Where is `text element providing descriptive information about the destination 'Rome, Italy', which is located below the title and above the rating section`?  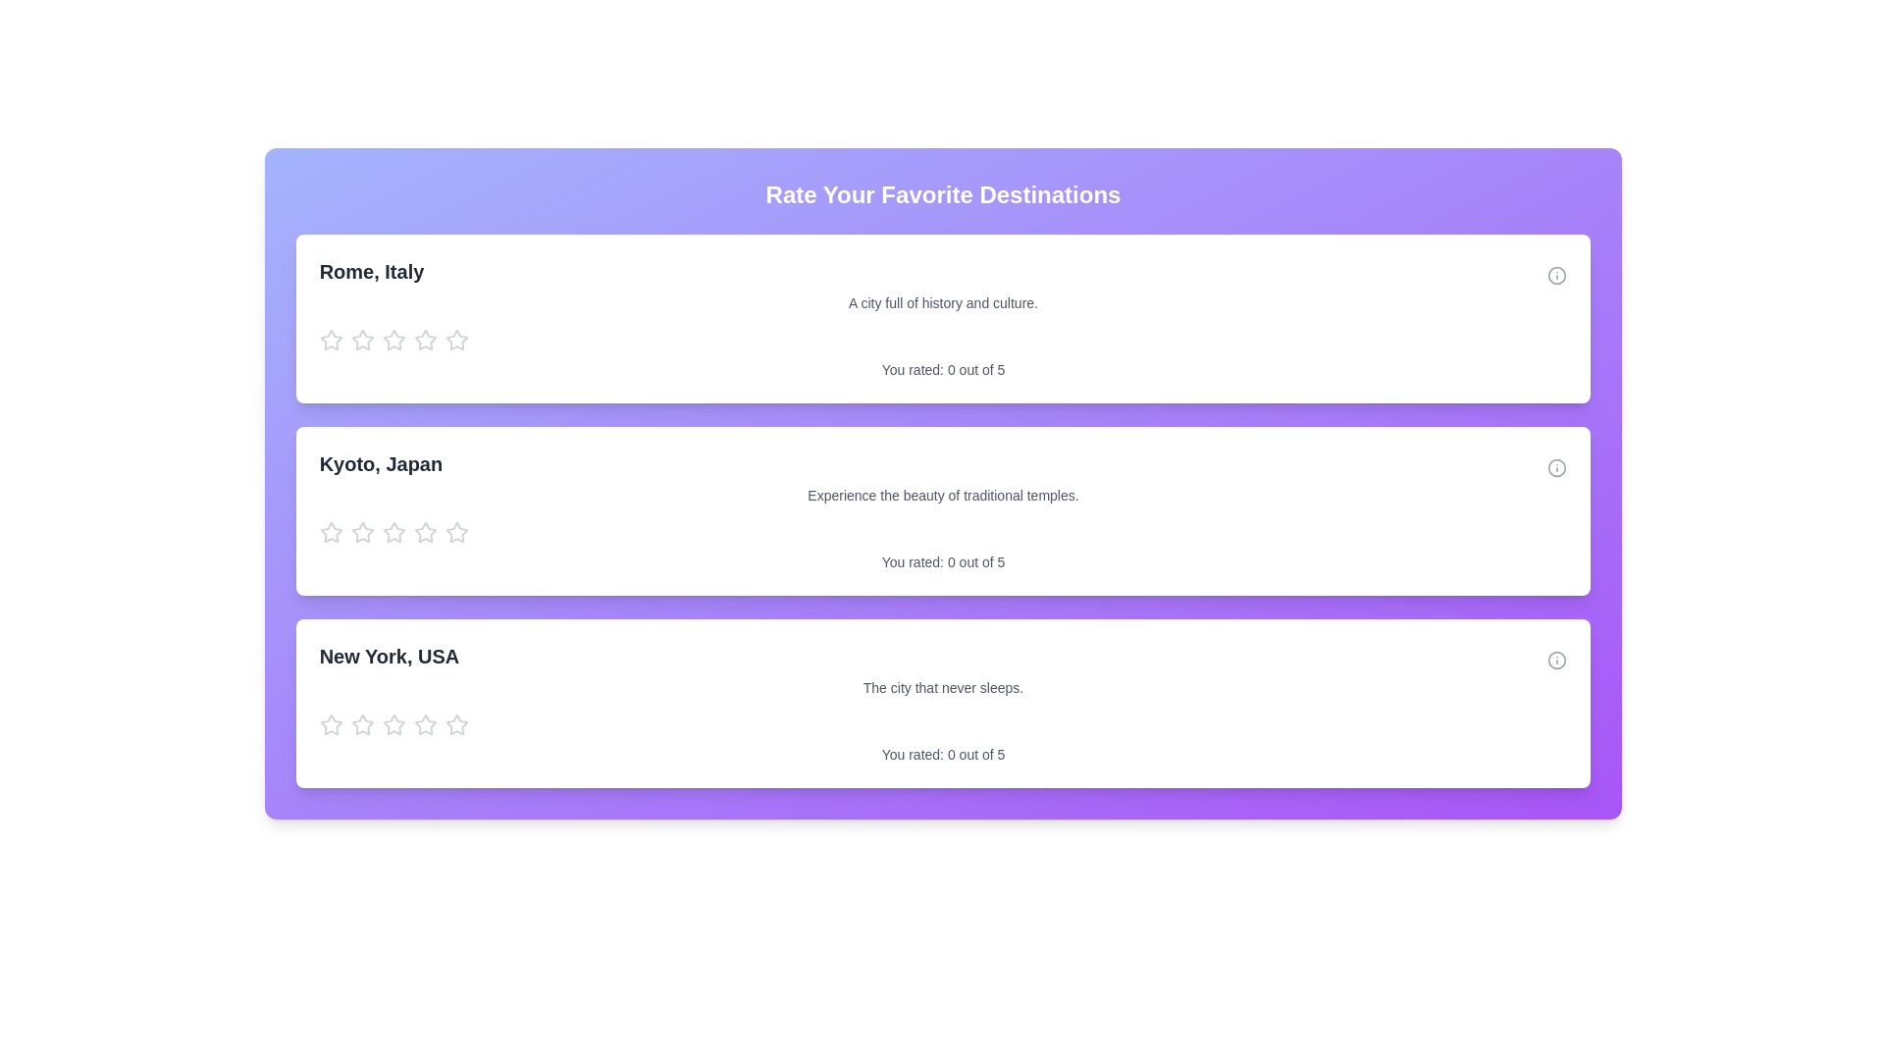 text element providing descriptive information about the destination 'Rome, Italy', which is located below the title and above the rating section is located at coordinates (943, 302).